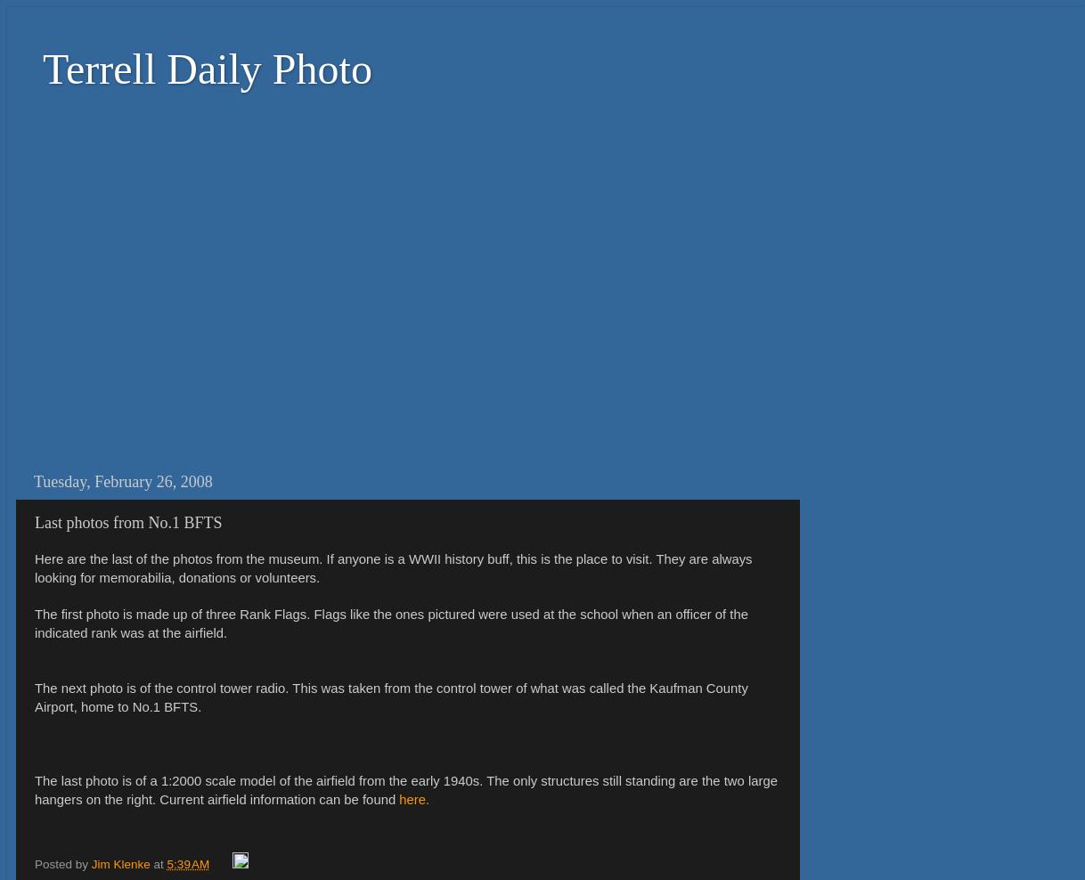 The height and width of the screenshot is (880, 1085). I want to click on 'The last photo is of a 1:2000 scale model of the airfield from the early 1940s. The only structures still standing are the two large hangers on the right. Current airfield information can be found', so click(34, 789).